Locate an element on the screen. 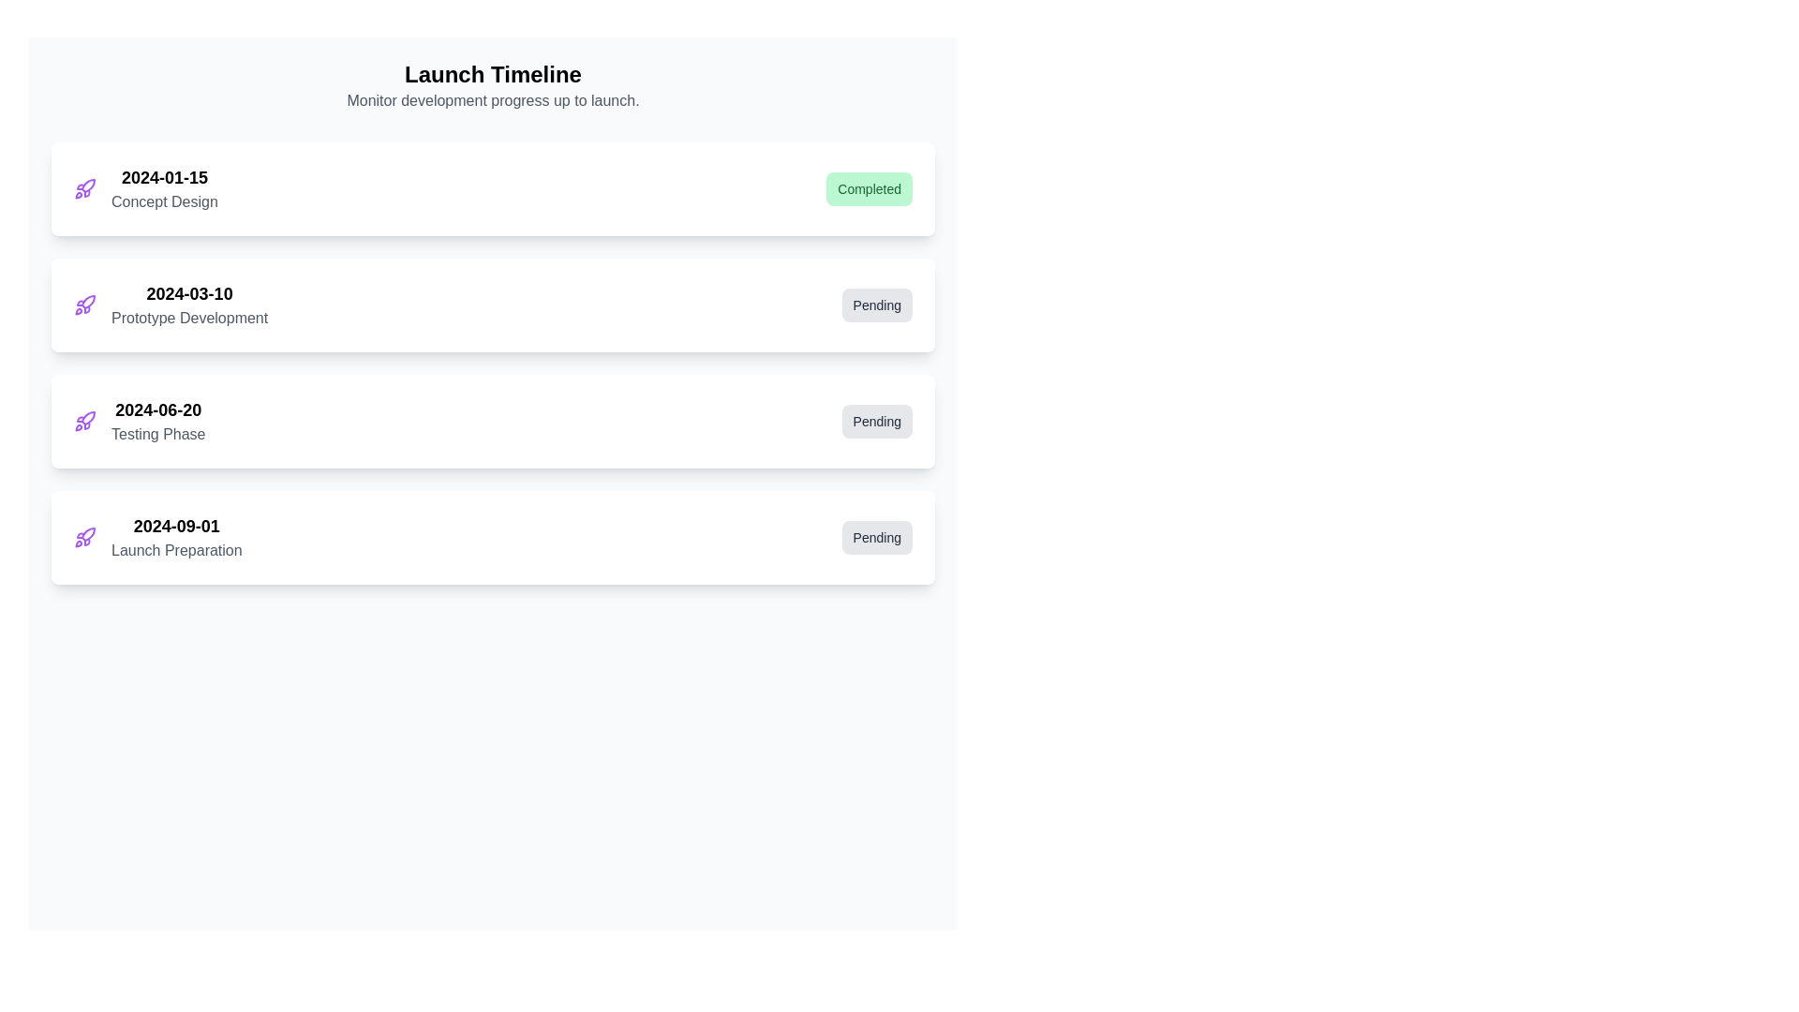 The width and height of the screenshot is (1799, 1012). the milestone event label 'Launch Preparation' scheduled for 2024-09-01, which is the fourth element in a vertically stacked timeline layout is located at coordinates (176, 538).